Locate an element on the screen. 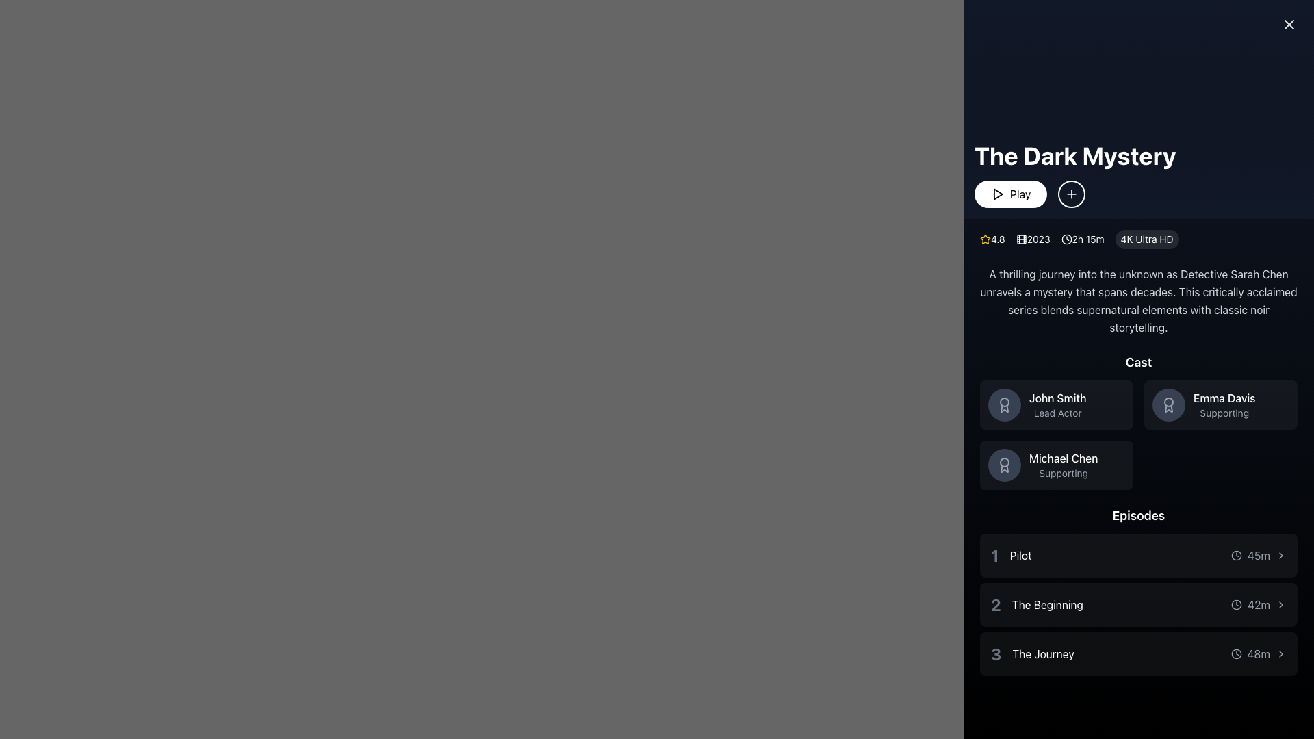 Image resolution: width=1314 pixels, height=739 pixels. the right-pointing chevron Navigation Arrow Icon located at the far right of the row displaying 'The Journey' and '48m' is located at coordinates (1280, 653).